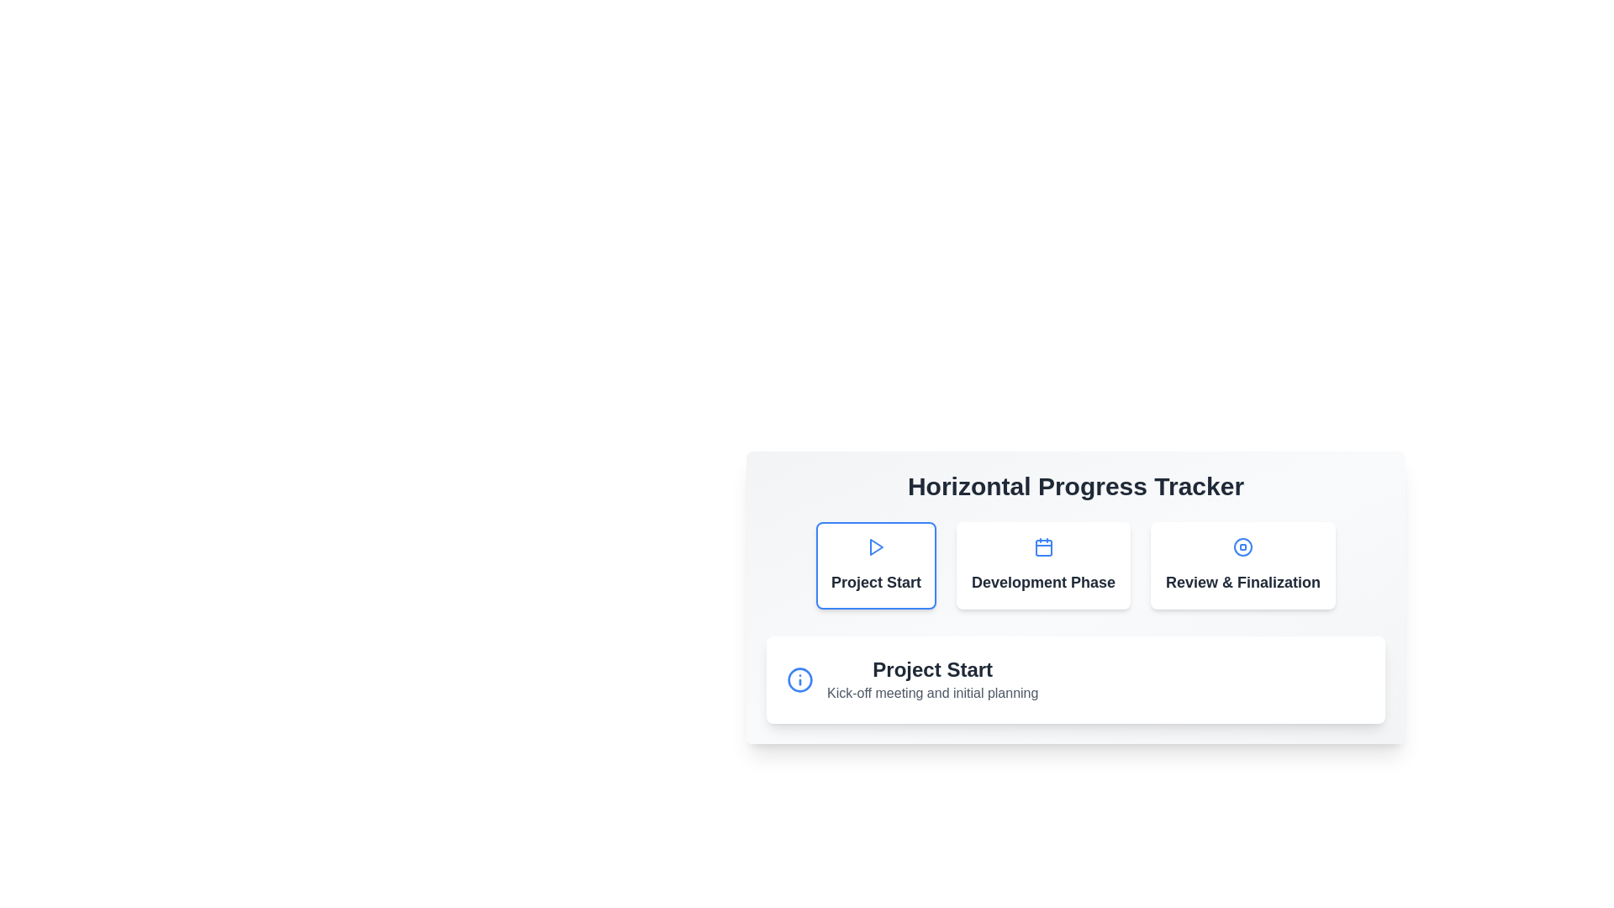  Describe the element at coordinates (799, 679) in the screenshot. I see `the circular vector graphic component with a blue outline located in the top left of the project tracking card` at that location.